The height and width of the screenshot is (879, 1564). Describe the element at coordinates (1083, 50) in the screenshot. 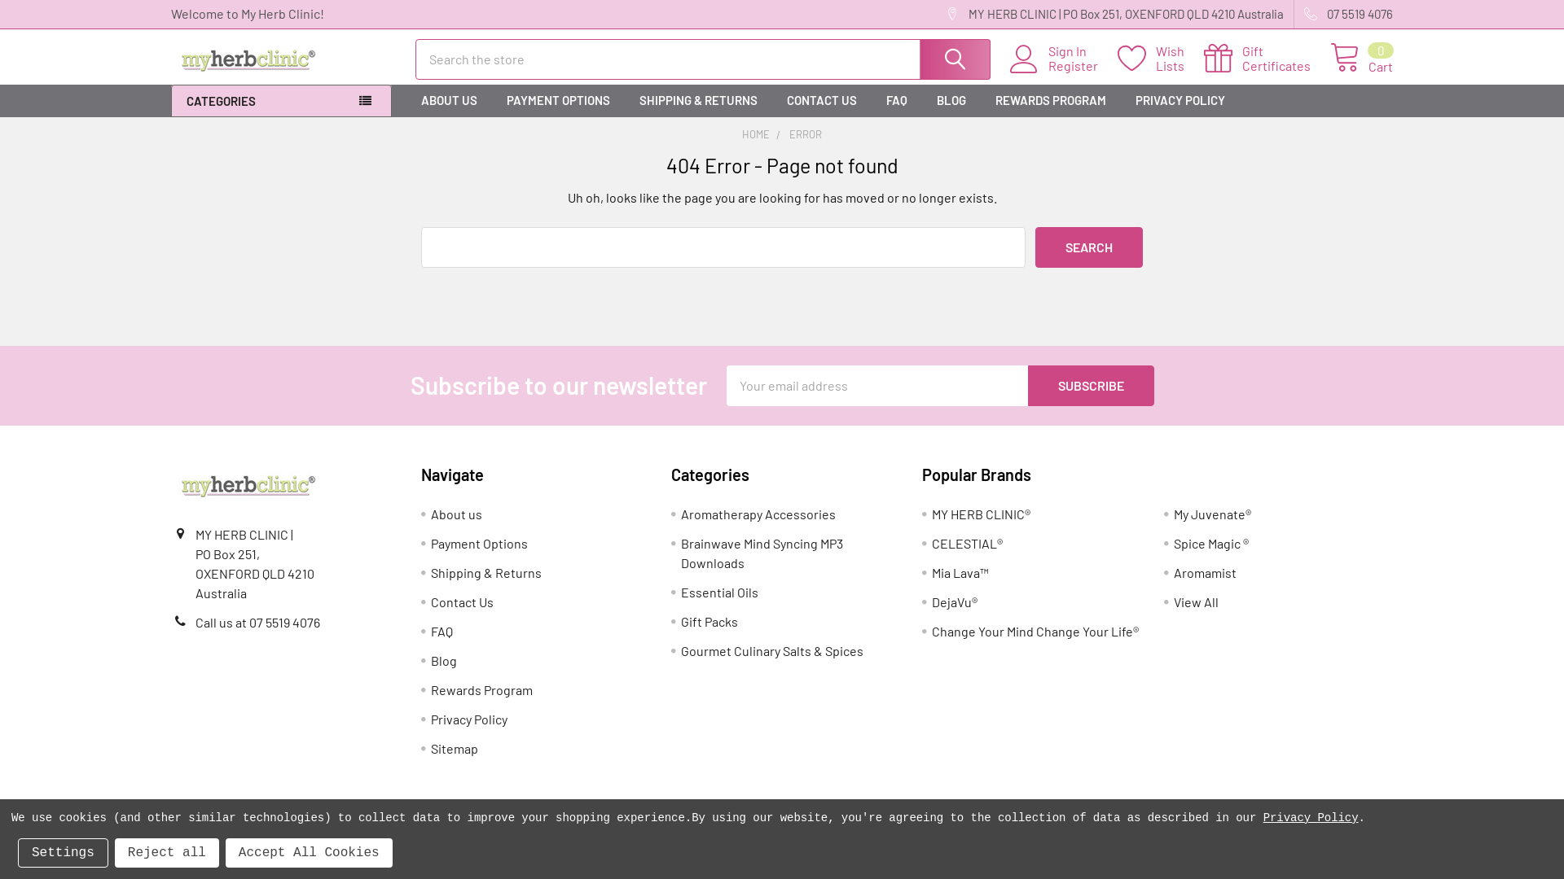

I see `'Sign In'` at that location.